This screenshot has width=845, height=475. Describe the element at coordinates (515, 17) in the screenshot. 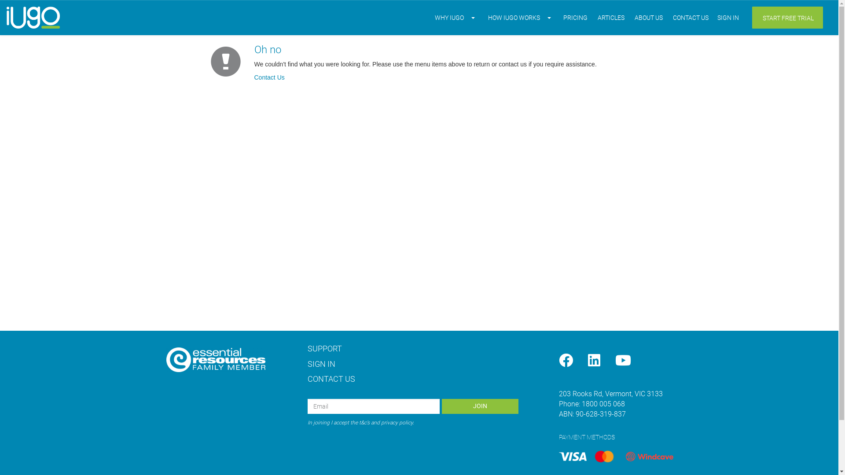

I see `'HOW IUGO WORKS'` at that location.